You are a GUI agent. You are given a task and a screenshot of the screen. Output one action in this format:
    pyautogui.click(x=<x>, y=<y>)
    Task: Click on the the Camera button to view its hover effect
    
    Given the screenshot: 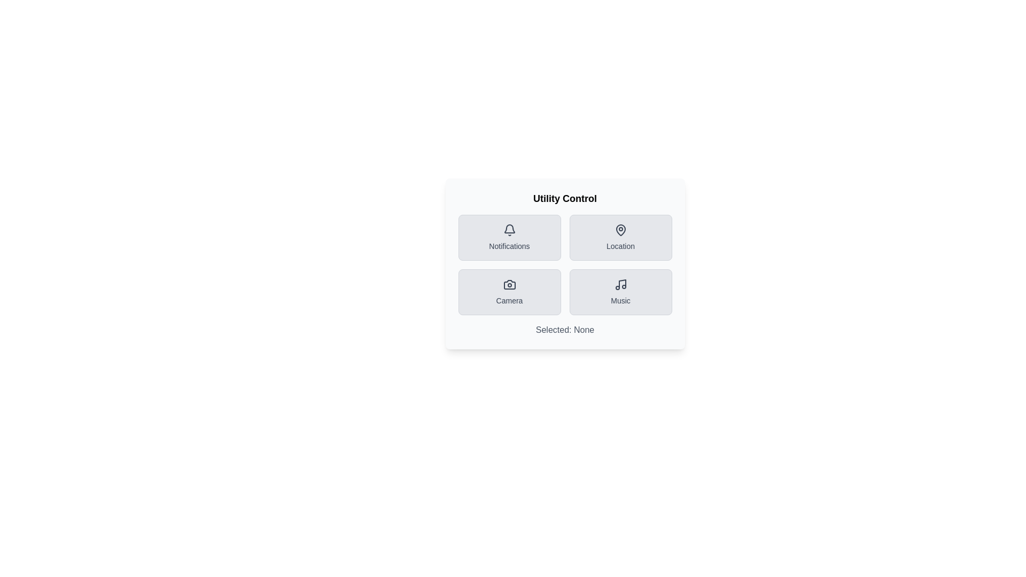 What is the action you would take?
    pyautogui.click(x=509, y=292)
    